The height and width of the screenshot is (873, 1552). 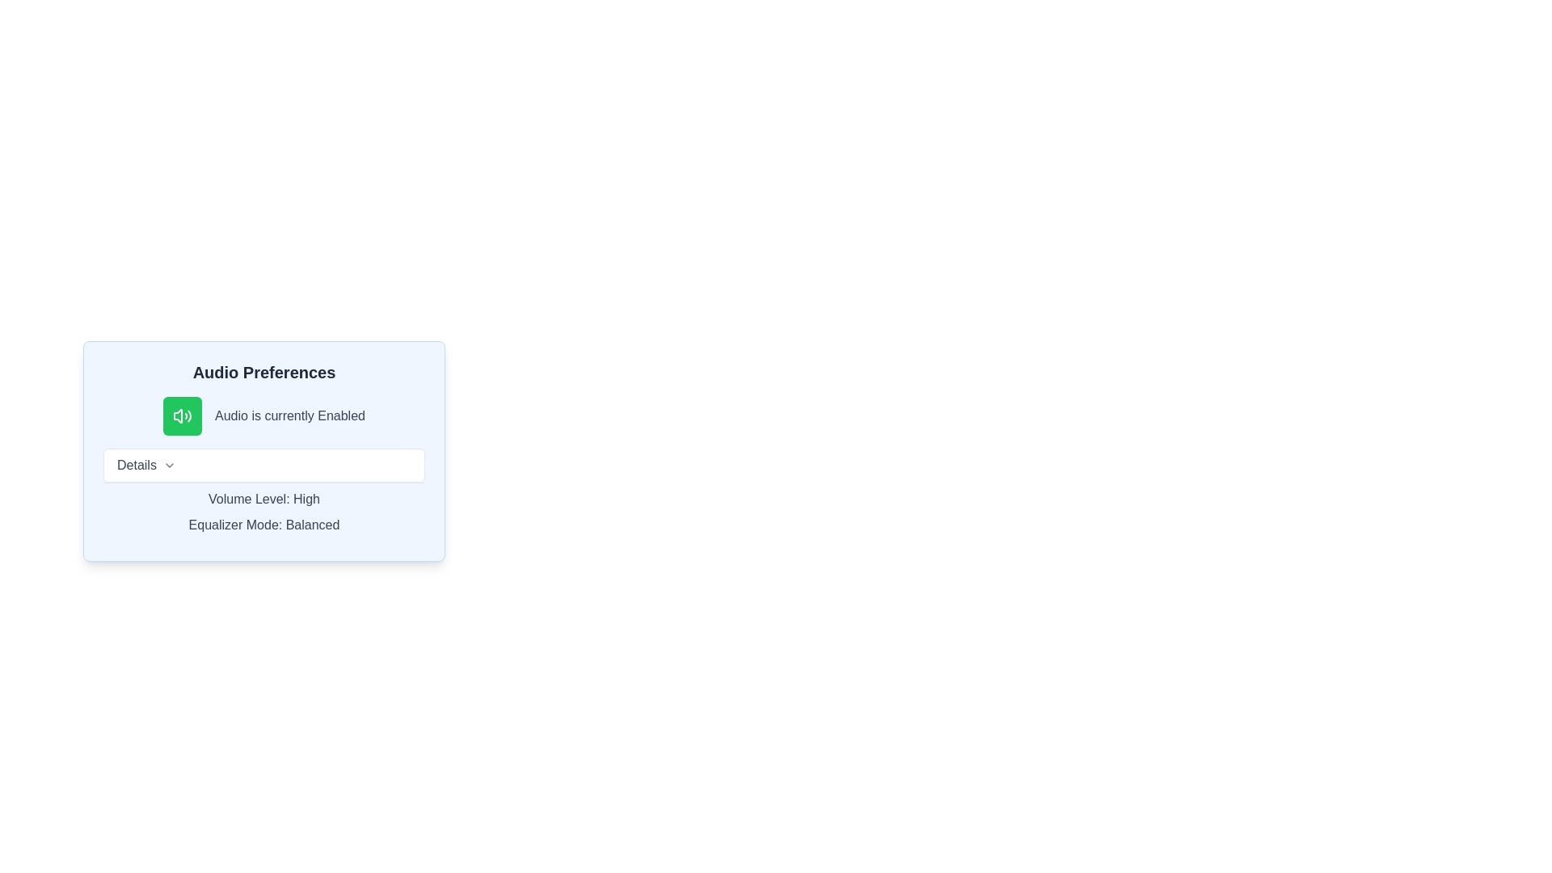 I want to click on the static text label displaying 'Volume Level: High', which is styled with a clean sans-serif font and located in the 'Audio Preferences' section, so click(x=264, y=498).